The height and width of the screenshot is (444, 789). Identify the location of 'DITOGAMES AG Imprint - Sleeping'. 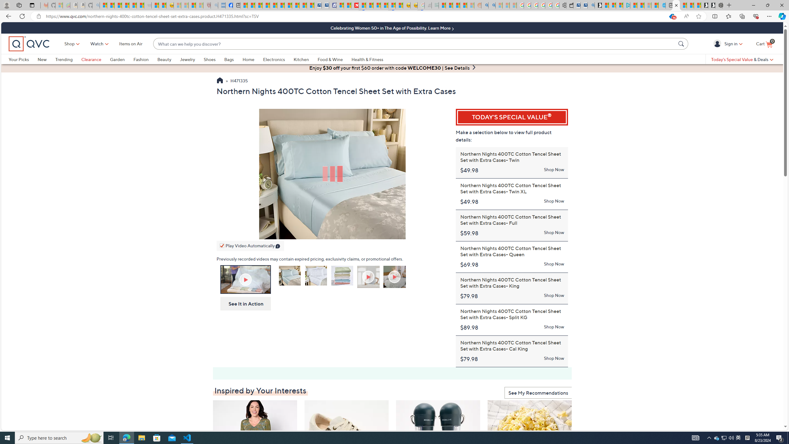
(435, 5).